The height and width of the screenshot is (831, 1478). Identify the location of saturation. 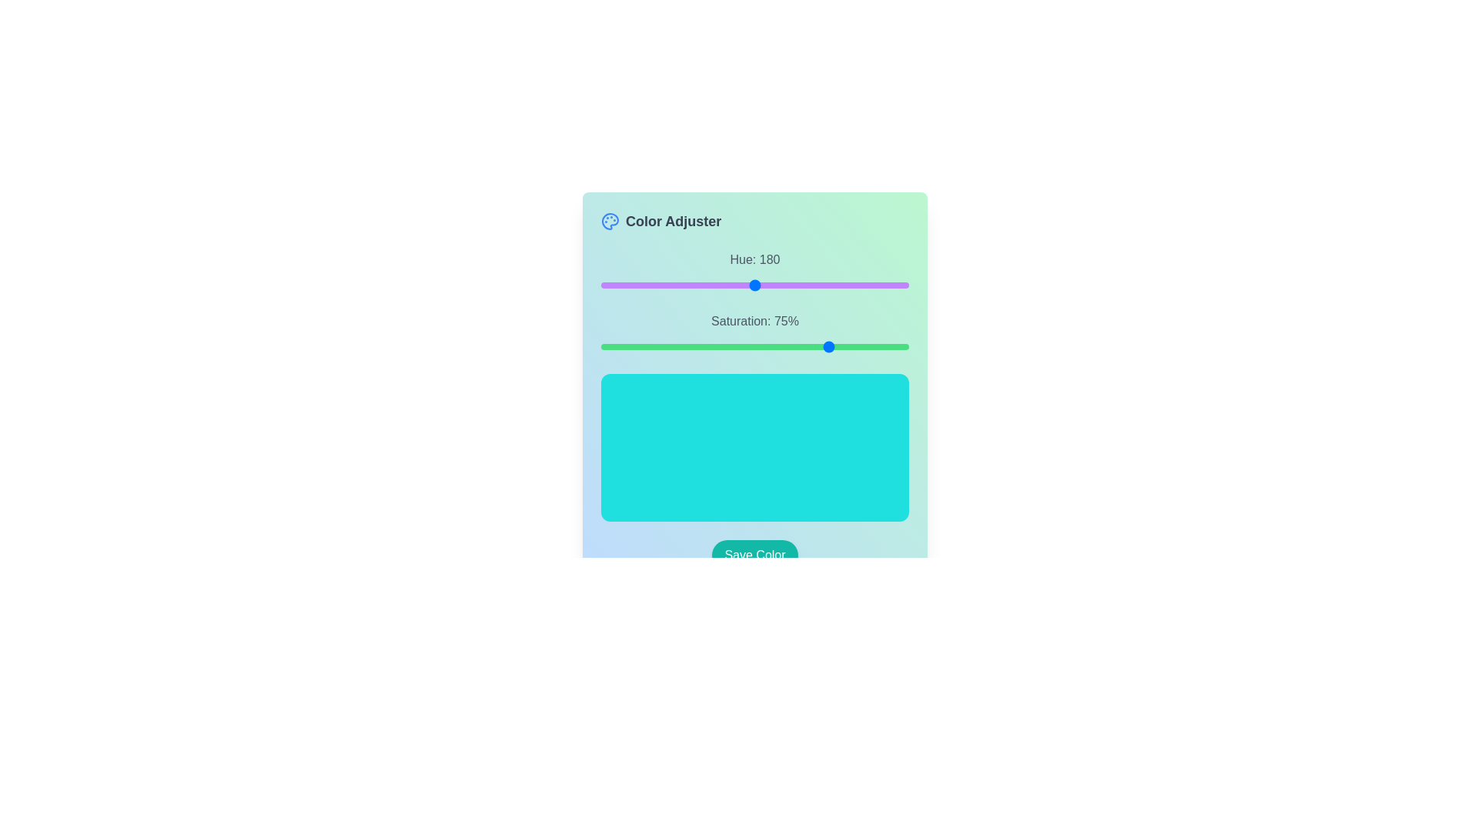
(844, 347).